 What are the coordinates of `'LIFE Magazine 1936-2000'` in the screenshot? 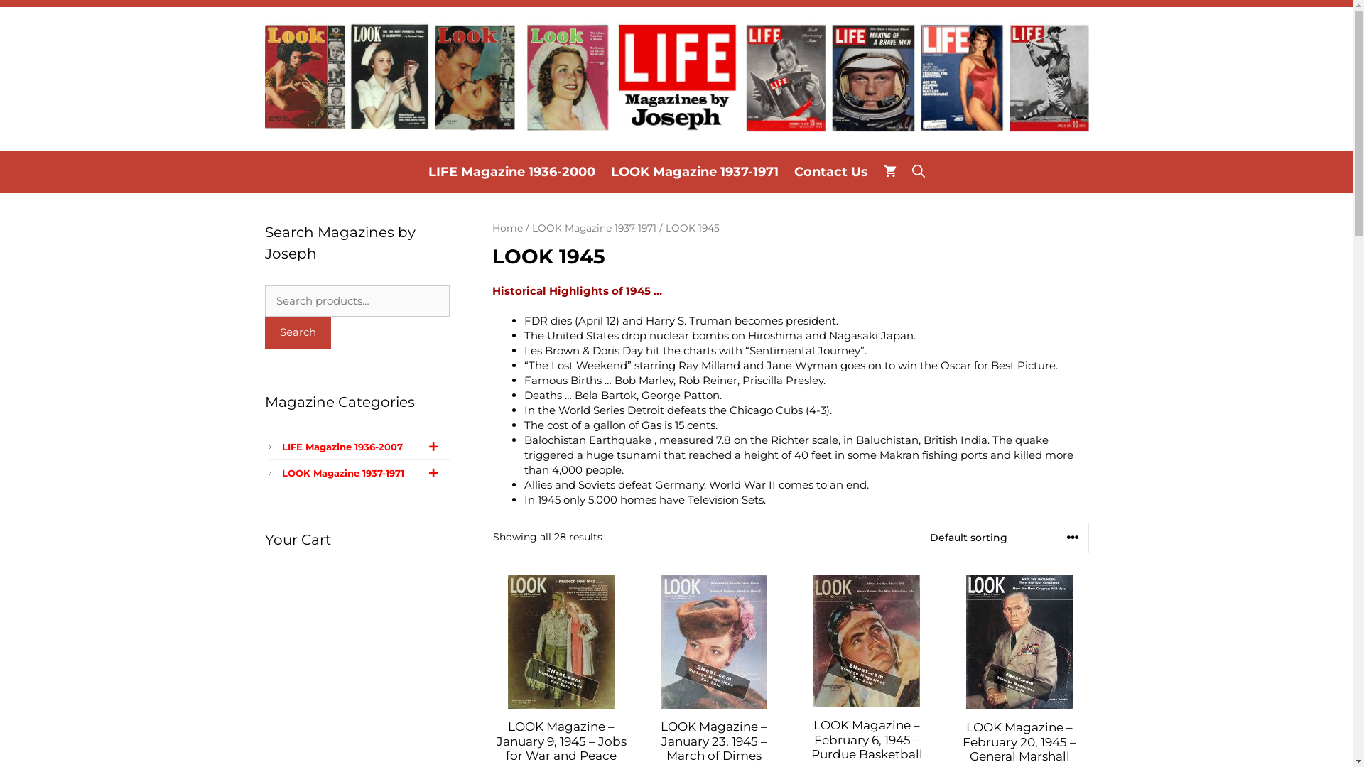 It's located at (419, 171).